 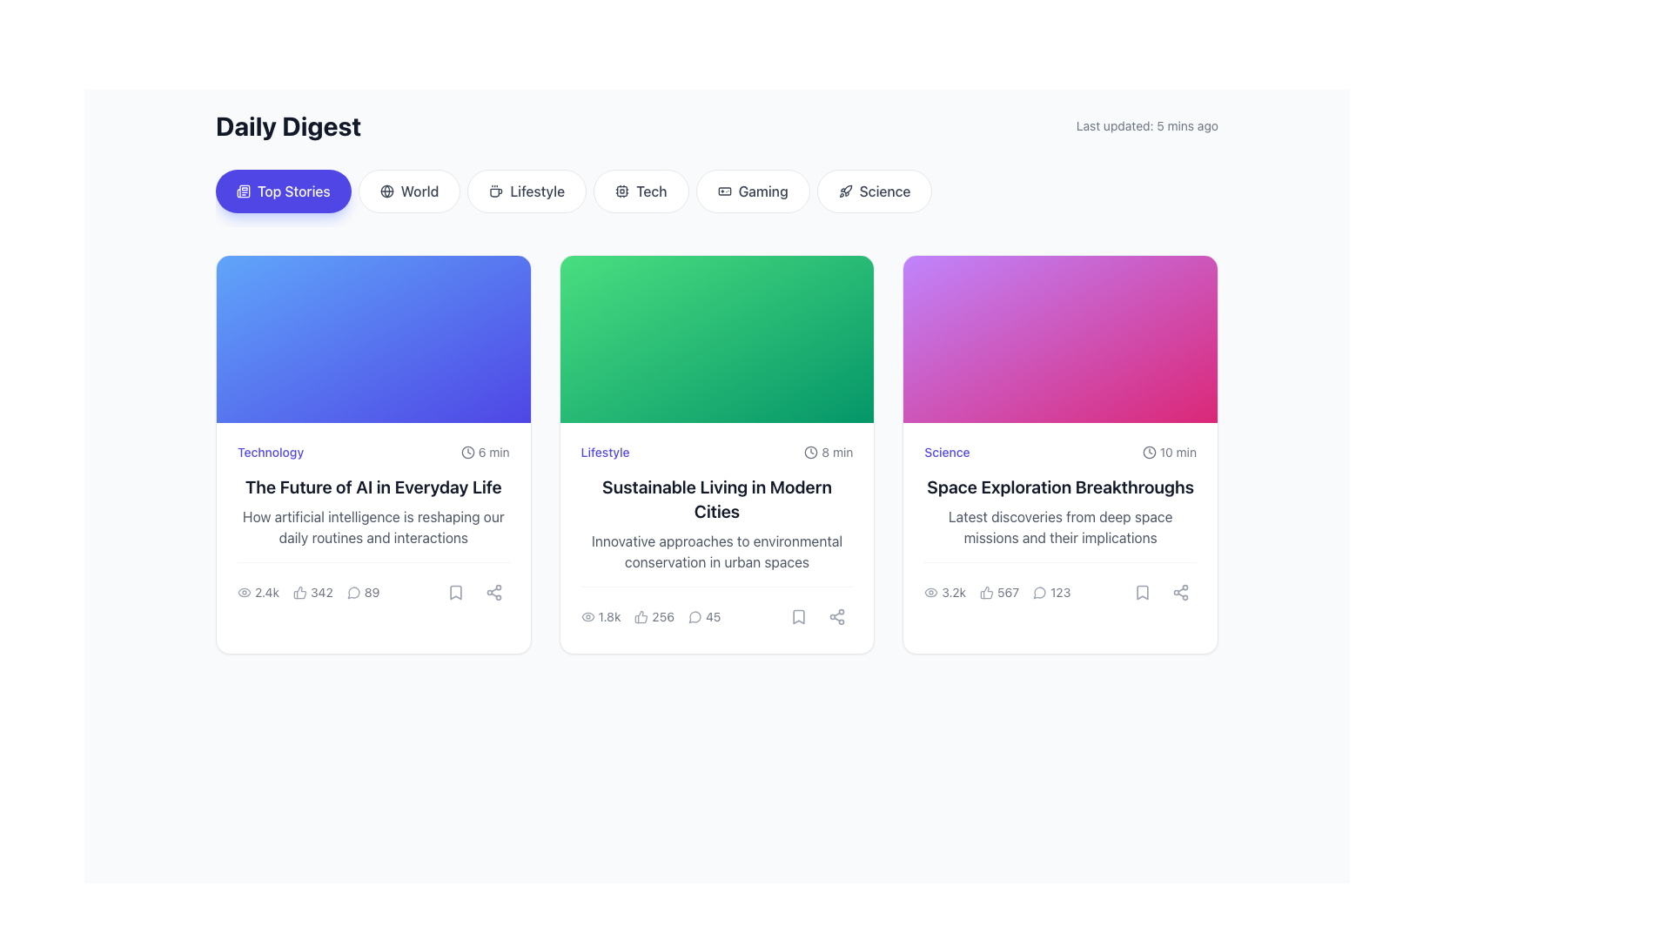 What do you see at coordinates (1142, 592) in the screenshot?
I see `the bookmark icon button located in the lower-right corner of the last card in the second row of content cards` at bounding box center [1142, 592].